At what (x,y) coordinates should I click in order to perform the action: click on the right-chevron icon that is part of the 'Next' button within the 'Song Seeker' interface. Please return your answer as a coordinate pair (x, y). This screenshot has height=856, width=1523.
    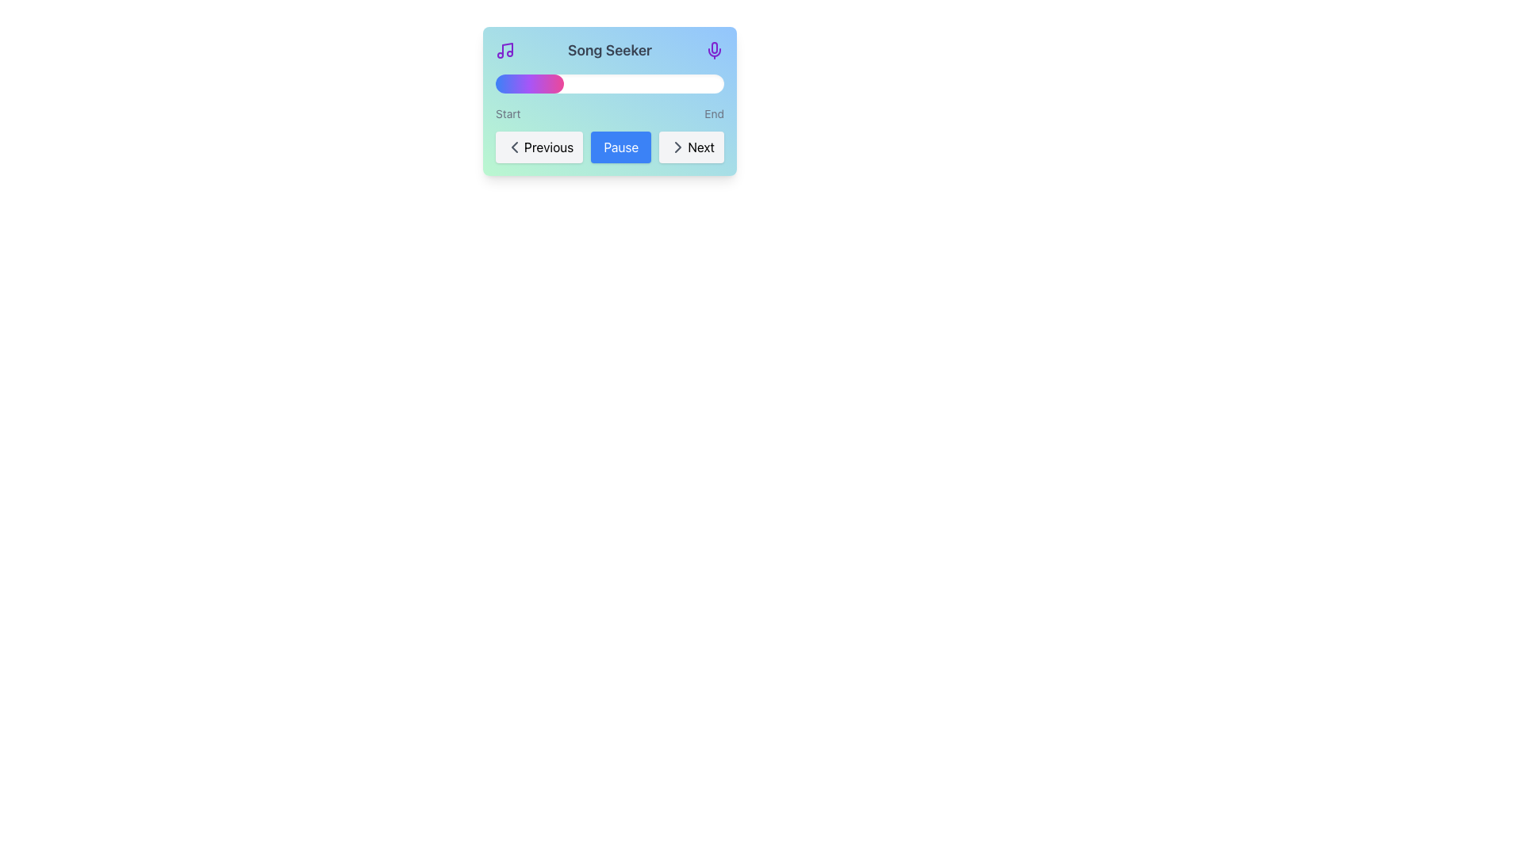
    Looking at the image, I should click on (678, 147).